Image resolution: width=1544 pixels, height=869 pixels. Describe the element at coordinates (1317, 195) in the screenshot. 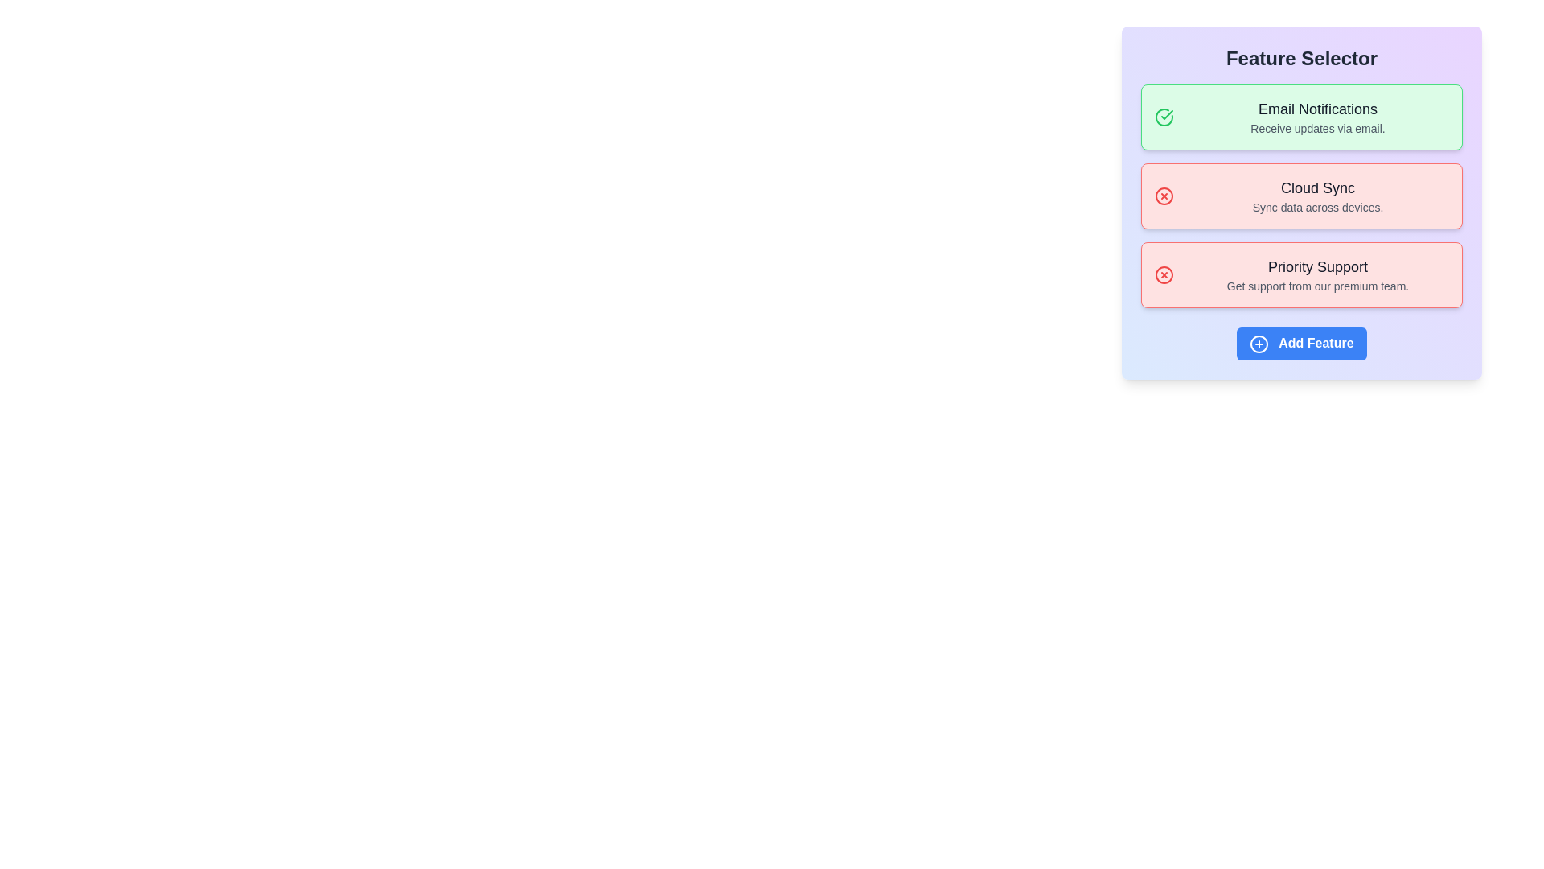

I see `informational text about the 'Cloud Sync' feature, which is located in the middle panel of the 'Feature Selector' interface, positioned below 'Email Notifications' and above 'Priority Support'` at that location.